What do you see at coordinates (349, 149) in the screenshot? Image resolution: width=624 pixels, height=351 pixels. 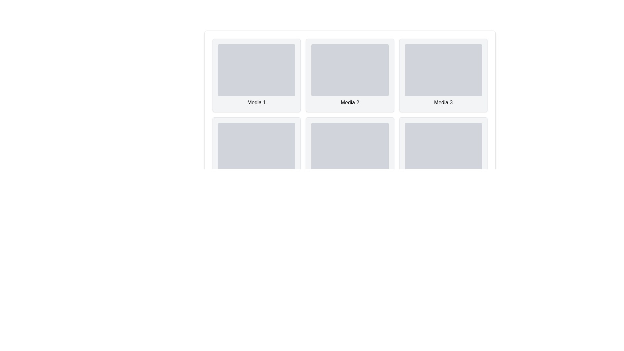 I see `the gray rectangular media content placeholder located in the second row, third column of the grid layout, which has a soft rounded border and no additional content` at bounding box center [349, 149].